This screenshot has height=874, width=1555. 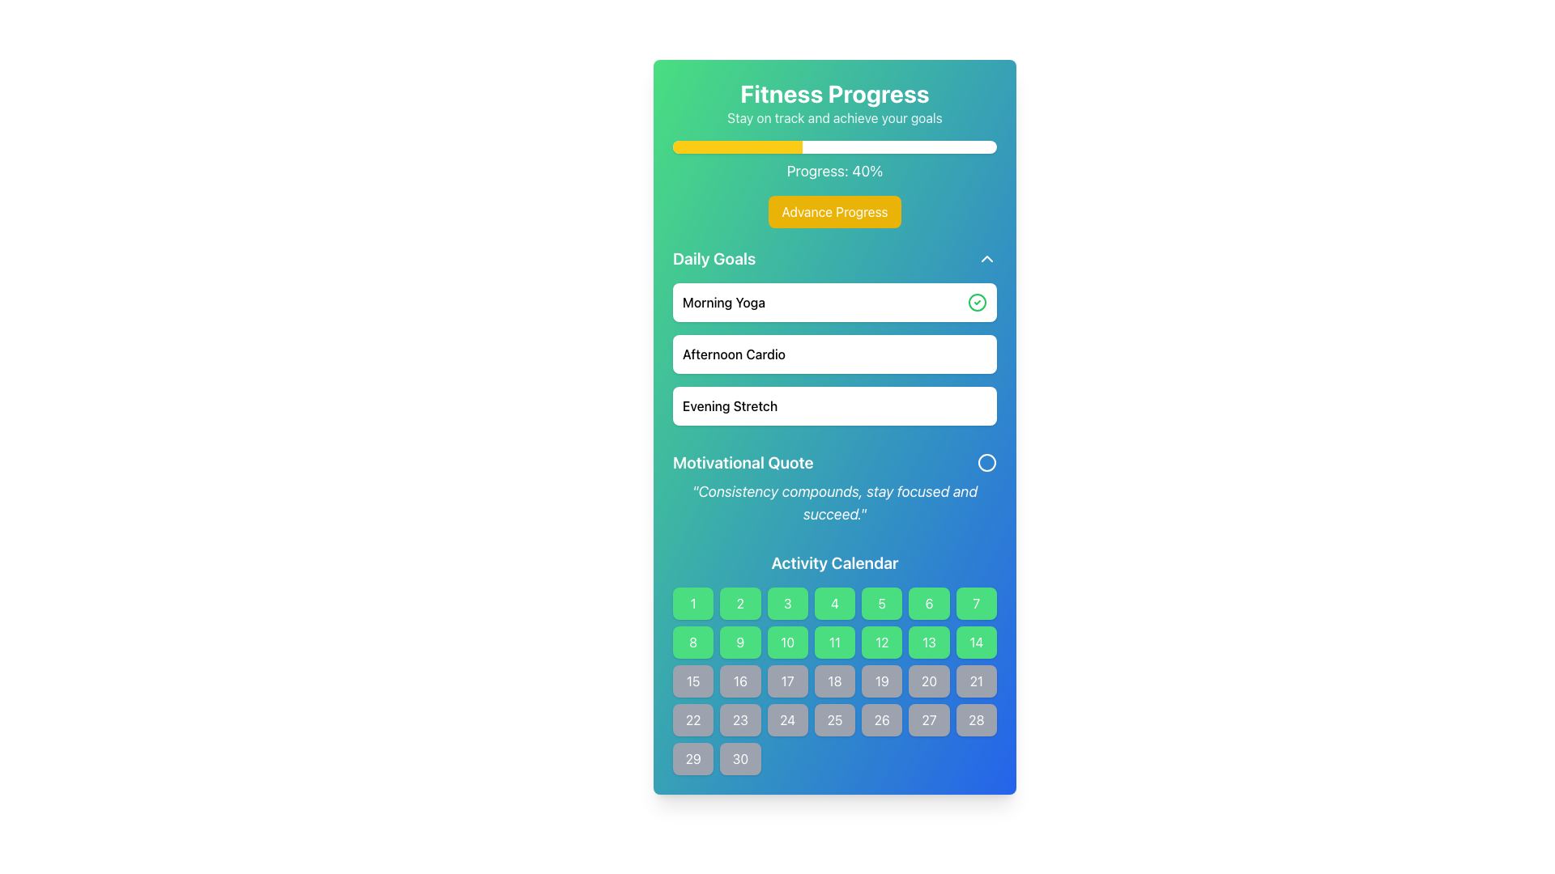 What do you see at coordinates (835, 93) in the screenshot?
I see `the 'Fitness Progress' text label, which is styled in a large, bold white font against a green to blue gradient background, located at the top center of the interface` at bounding box center [835, 93].